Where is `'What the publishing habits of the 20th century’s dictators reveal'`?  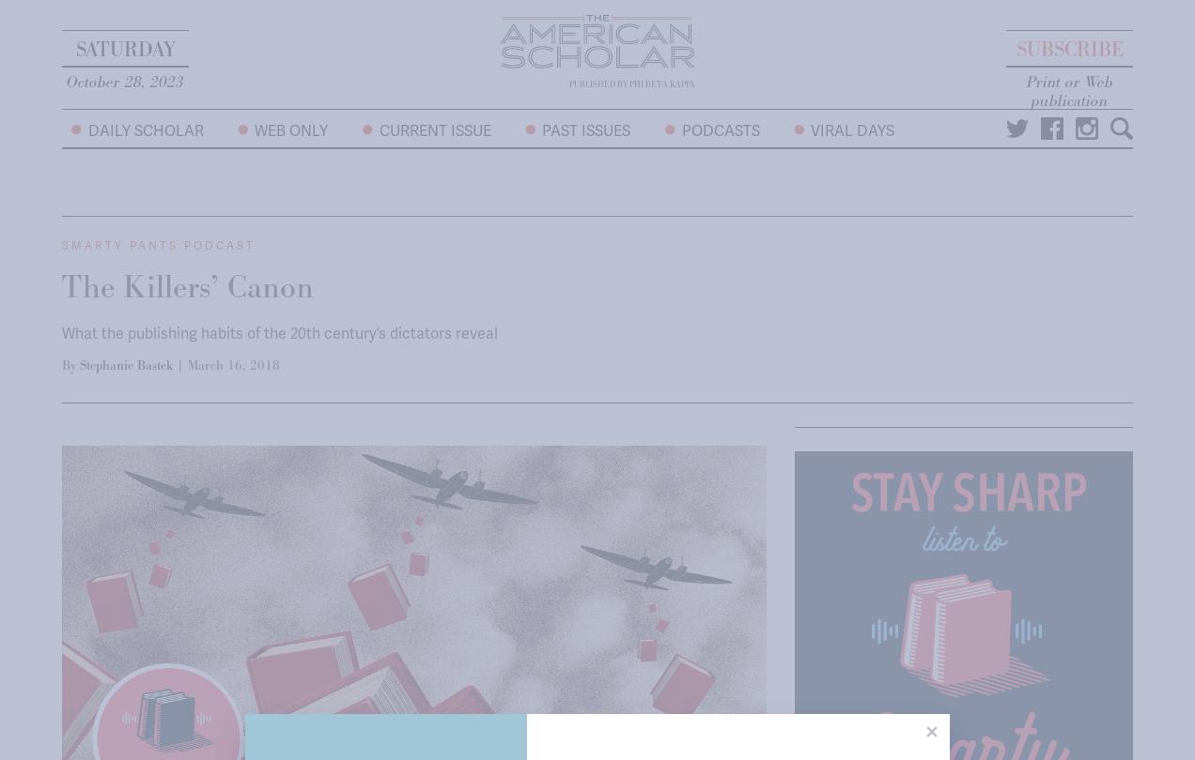 'What the publishing habits of the 20th century’s dictators reveal' is located at coordinates (280, 332).